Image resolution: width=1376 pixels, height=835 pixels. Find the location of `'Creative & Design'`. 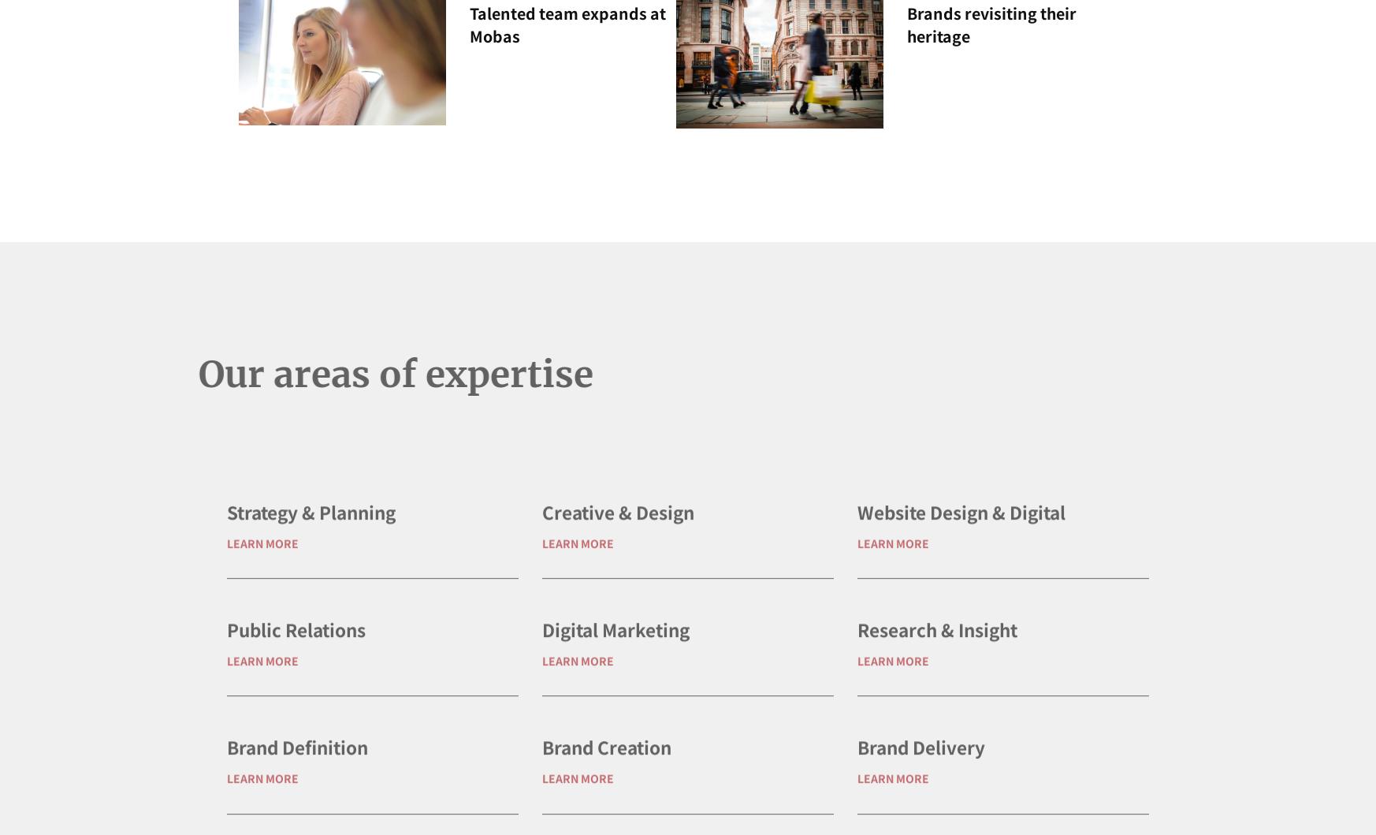

'Creative & Design' is located at coordinates (616, 561).